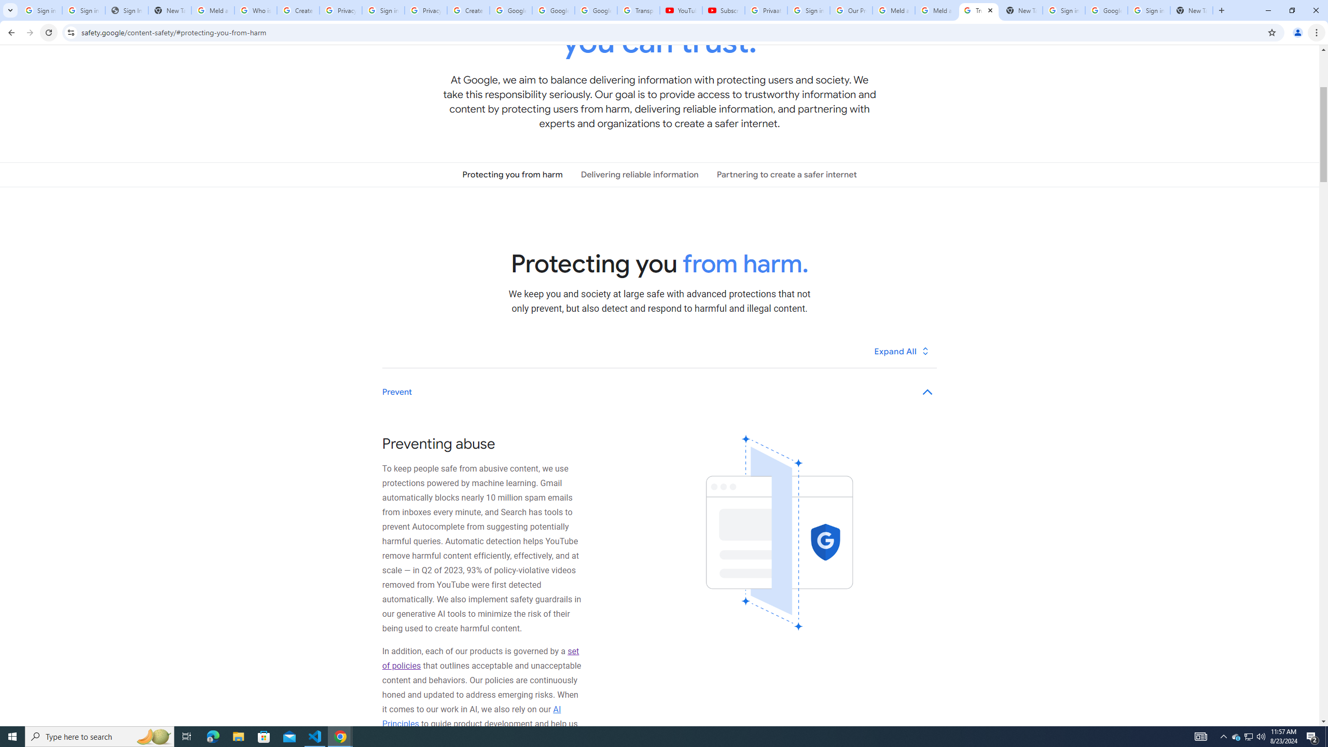 The height and width of the screenshot is (747, 1328). I want to click on 'AI Principles', so click(472, 716).